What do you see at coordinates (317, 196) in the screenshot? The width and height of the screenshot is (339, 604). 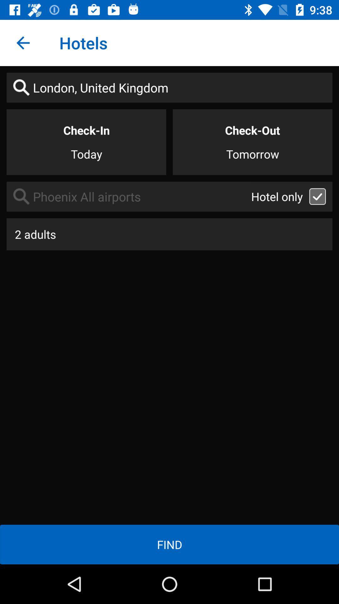 I see `unclick` at bounding box center [317, 196].